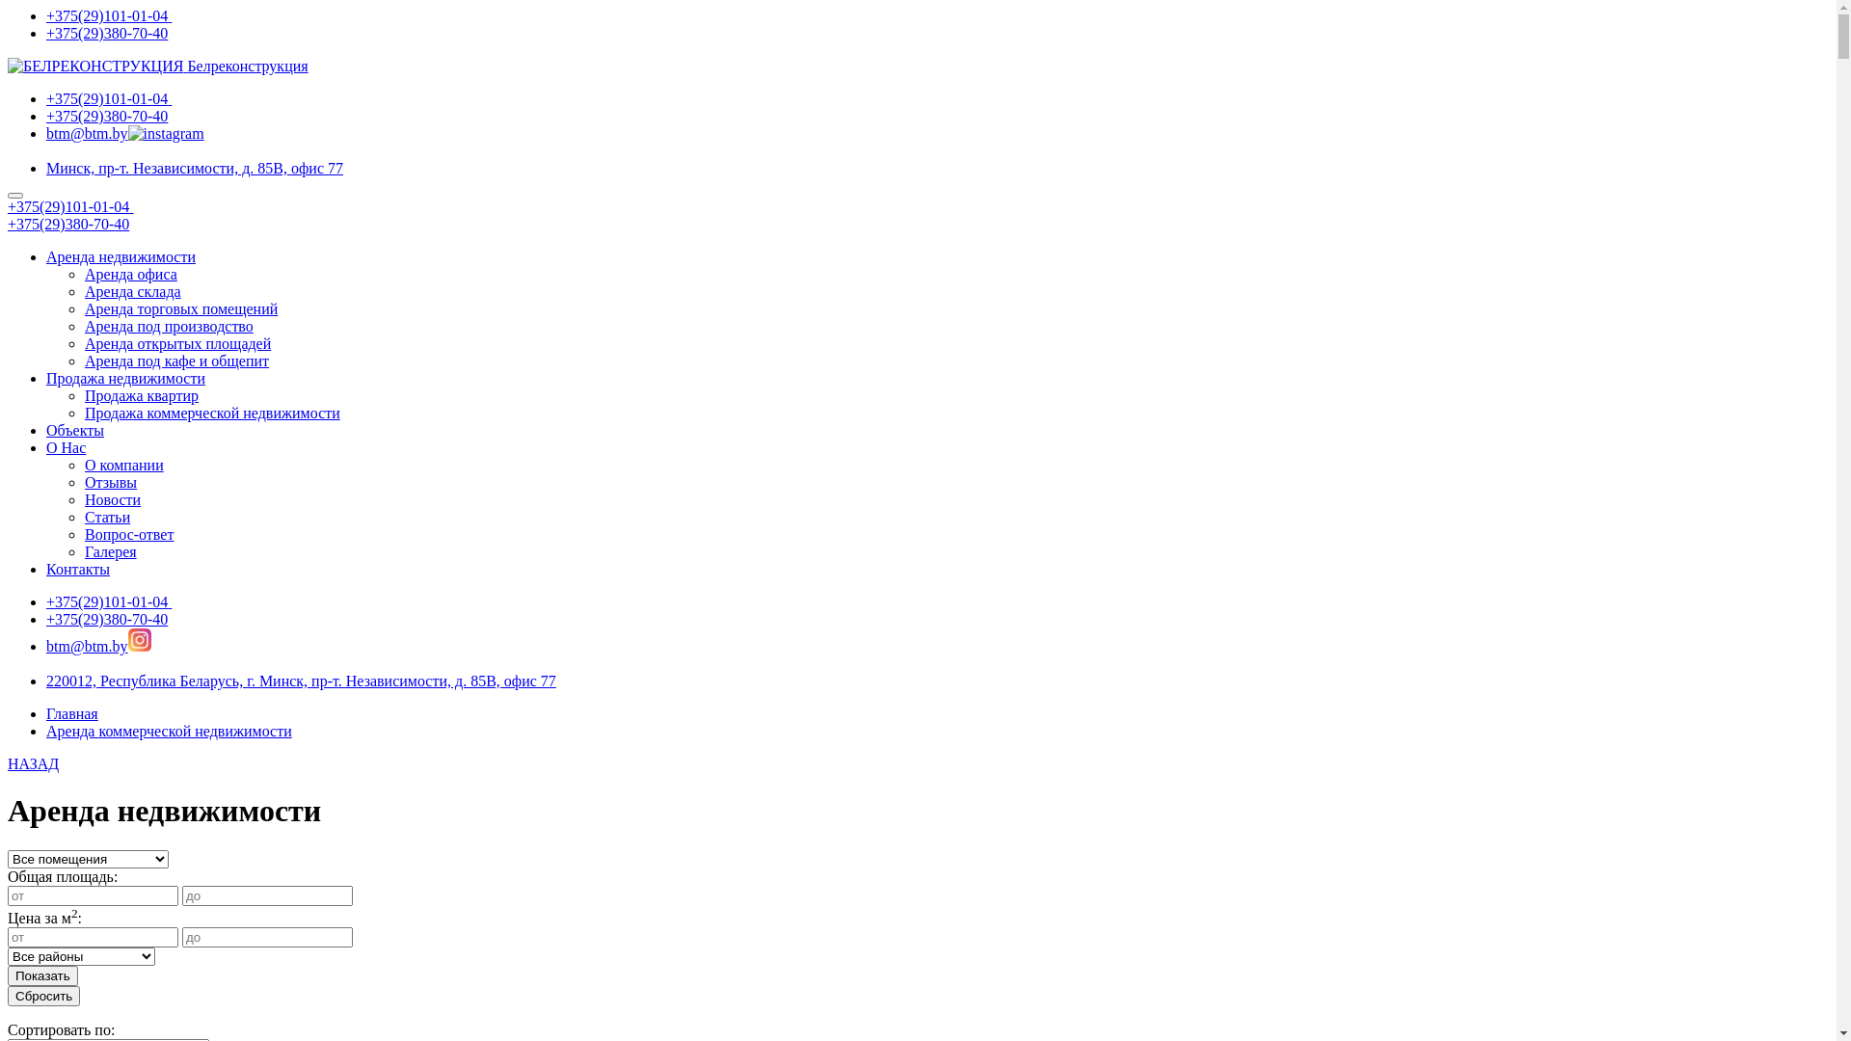 The width and height of the screenshot is (1851, 1041). Describe the element at coordinates (108, 98) in the screenshot. I see `'+375(29)101-01-04 '` at that location.